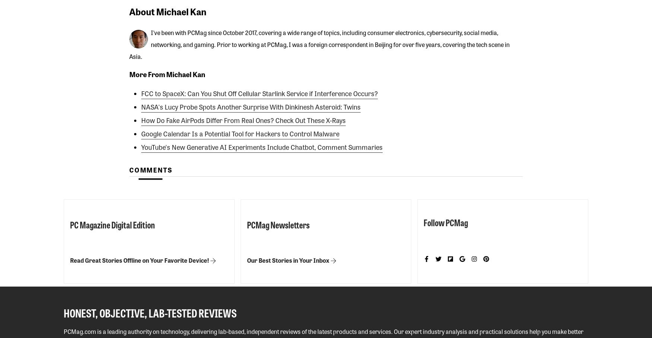 This screenshot has height=338, width=652. I want to click on 'NASA's Lucy Probe Spots Another Surprise With Dinkinesh Asteroid: Twins', so click(141, 106).